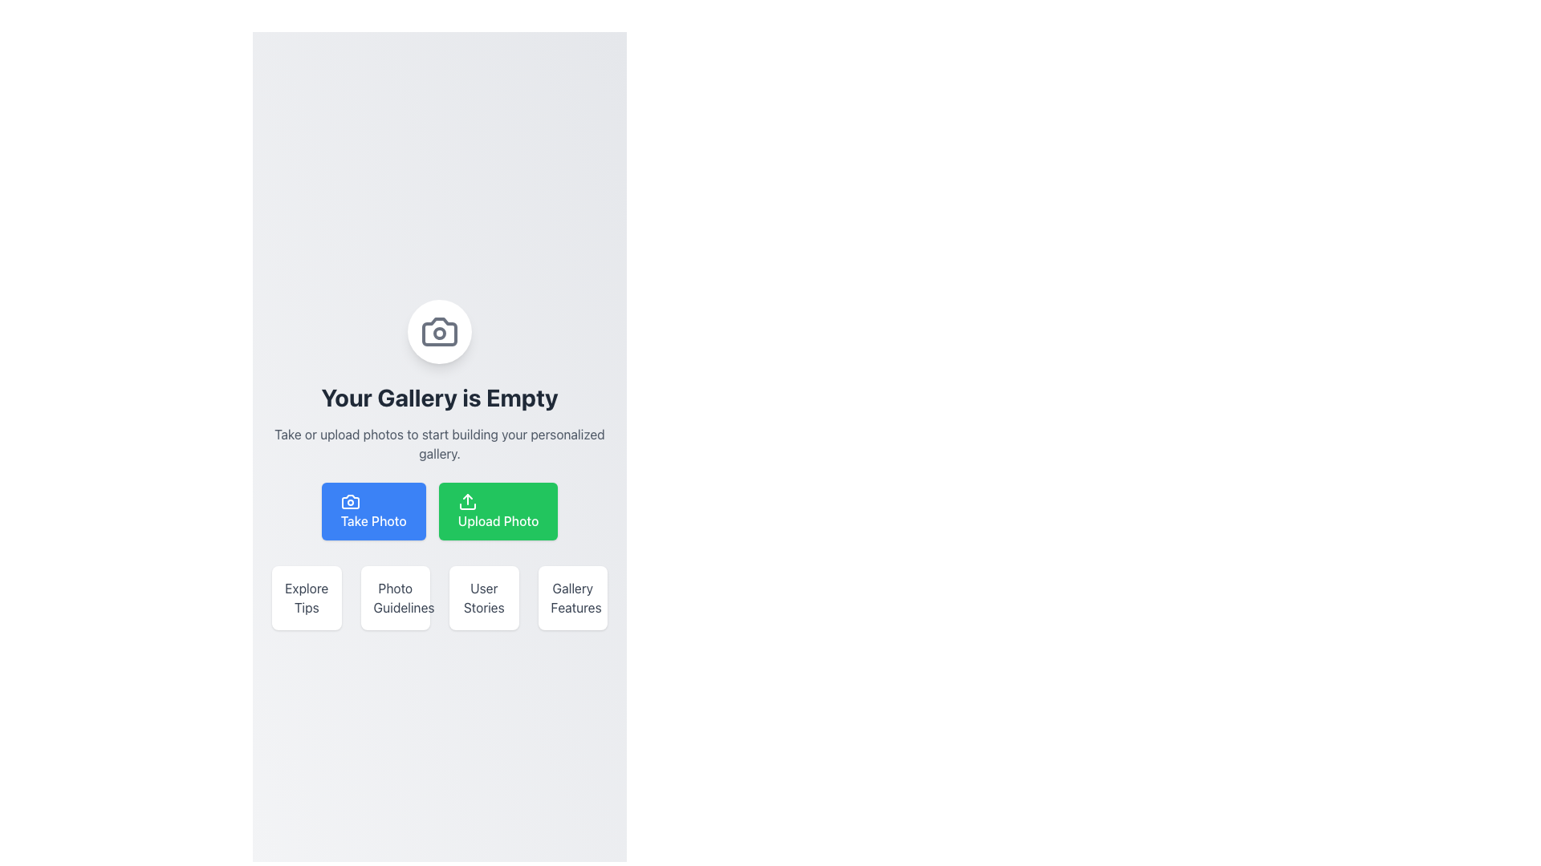 This screenshot has height=866, width=1541. Describe the element at coordinates (439, 444) in the screenshot. I see `the text label that prompts the user to upload or take photos, located between the 'Your Gallery is Empty' text and the 'Take Photo' and 'Upload Photo' buttons` at that location.